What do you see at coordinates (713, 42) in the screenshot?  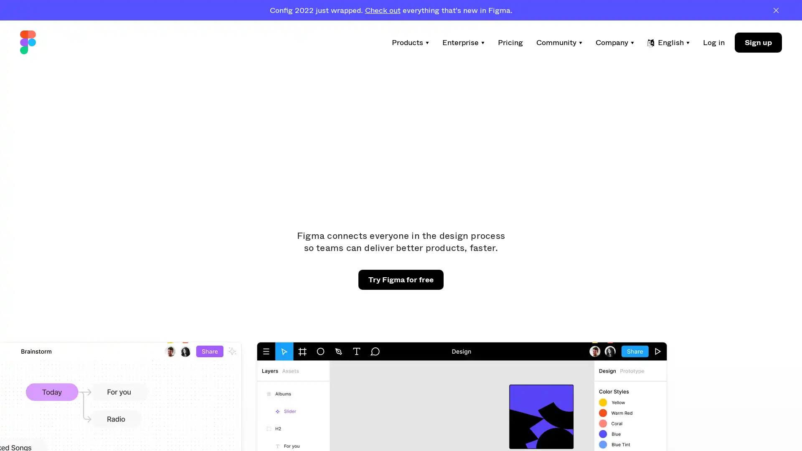 I see `Log in` at bounding box center [713, 42].